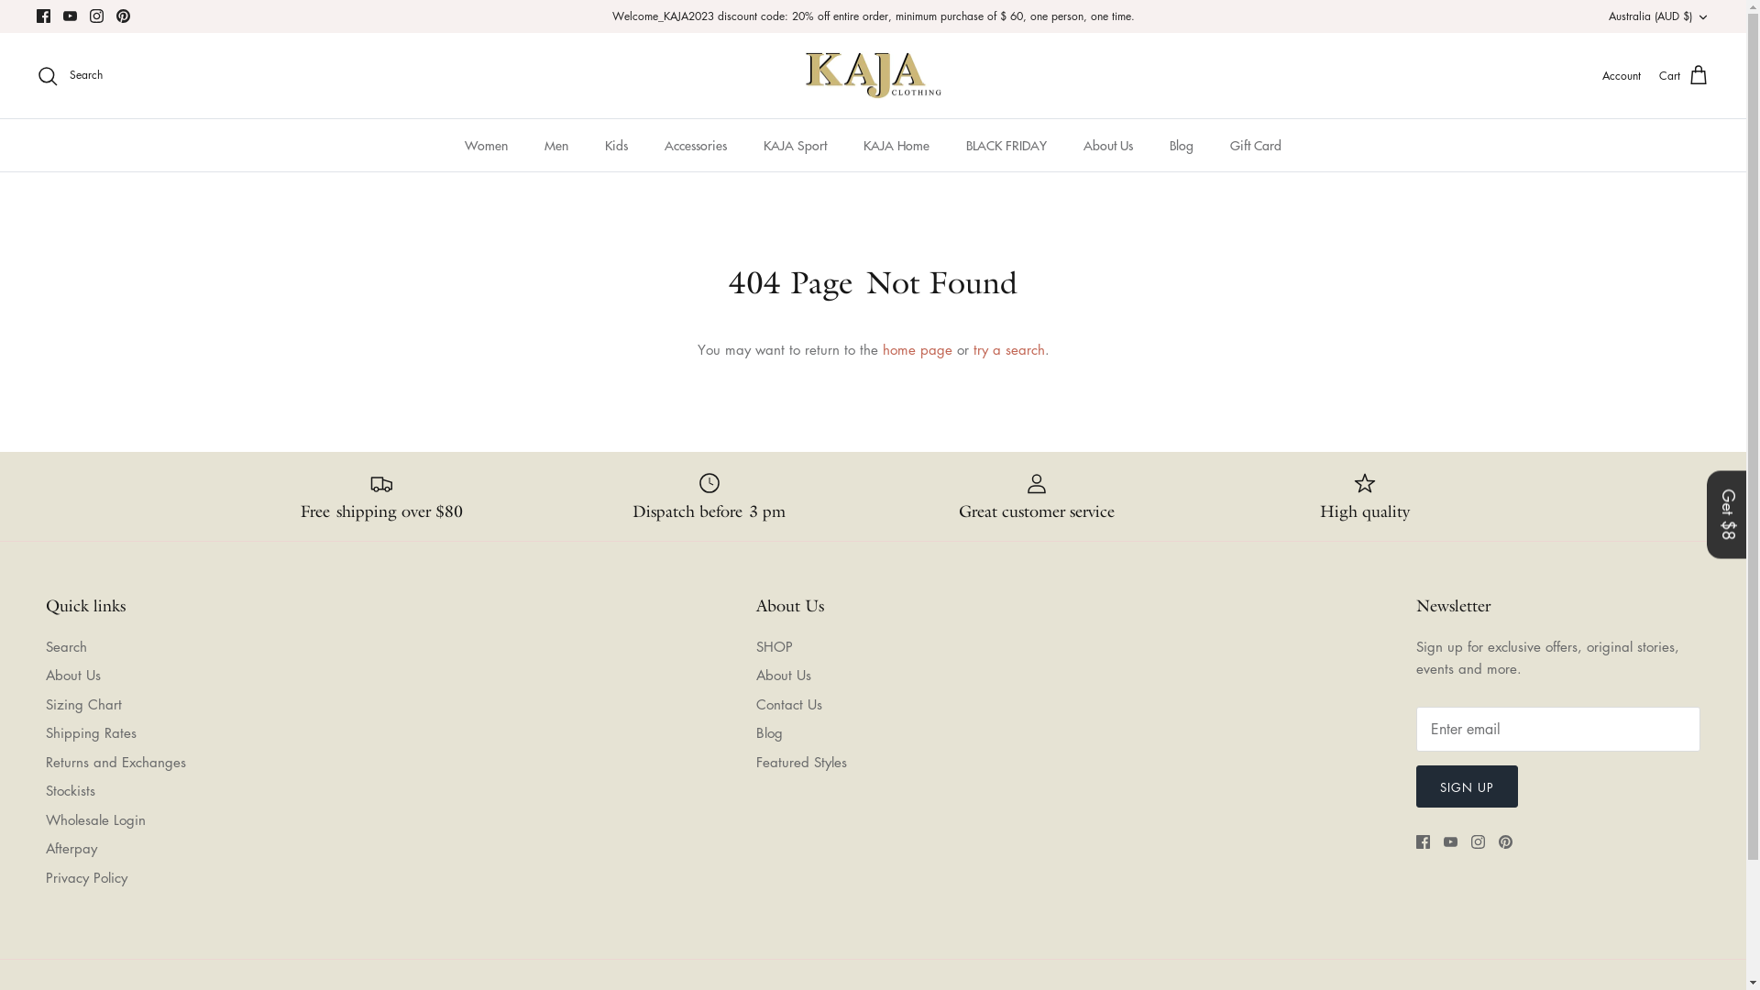 Image resolution: width=1760 pixels, height=990 pixels. Describe the element at coordinates (73, 675) in the screenshot. I see `'About Us'` at that location.